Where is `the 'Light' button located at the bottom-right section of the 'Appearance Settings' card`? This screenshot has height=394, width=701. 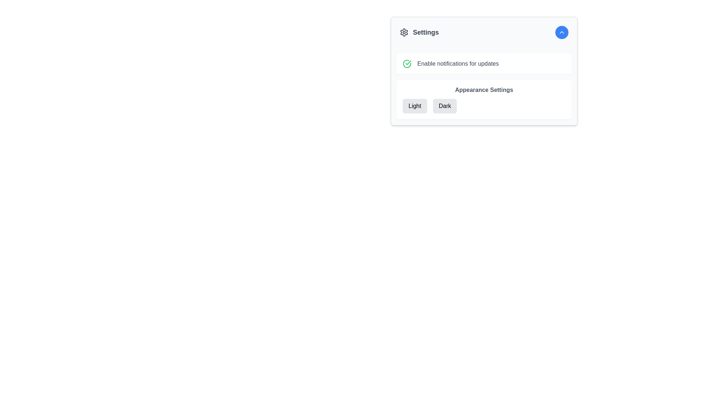
the 'Light' button located at the bottom-right section of the 'Appearance Settings' card is located at coordinates (415, 106).